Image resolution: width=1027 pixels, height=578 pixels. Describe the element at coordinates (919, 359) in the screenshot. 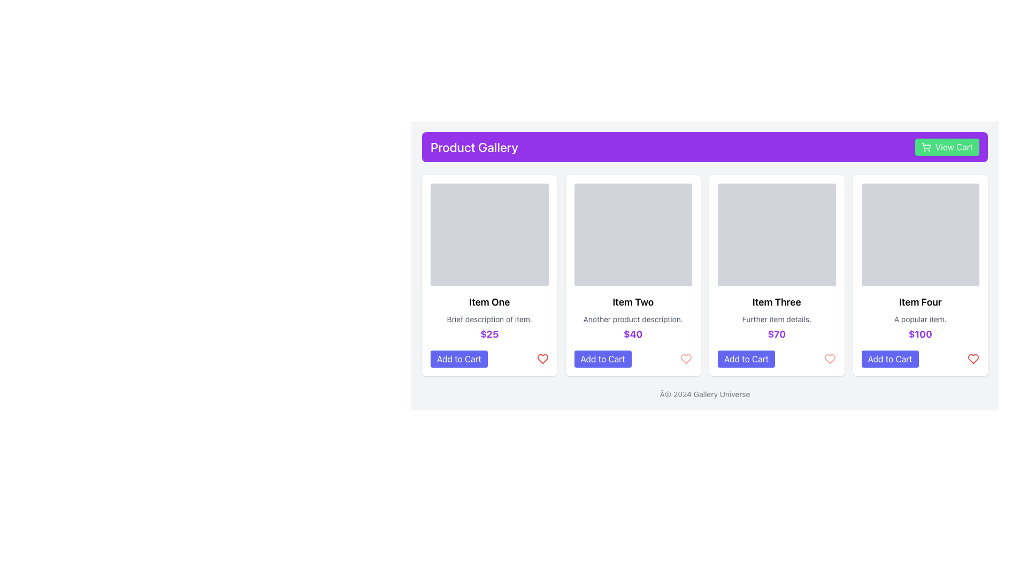

I see `the 'Add to Cart' button in the Composite component located in the fourth column of the product grid beneath the item description 'A popular item.' and the price '$100'` at that location.